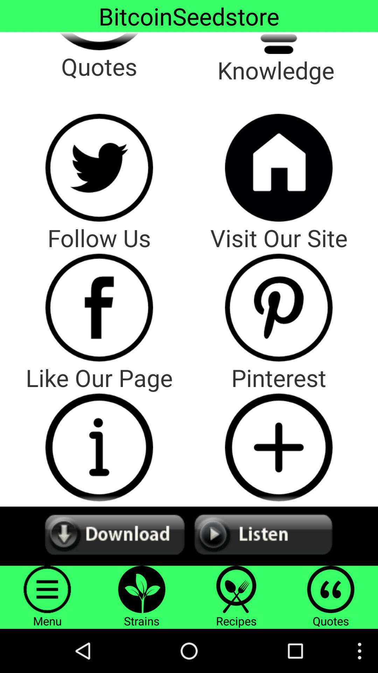  I want to click on firm 's pinterest page, so click(278, 307).